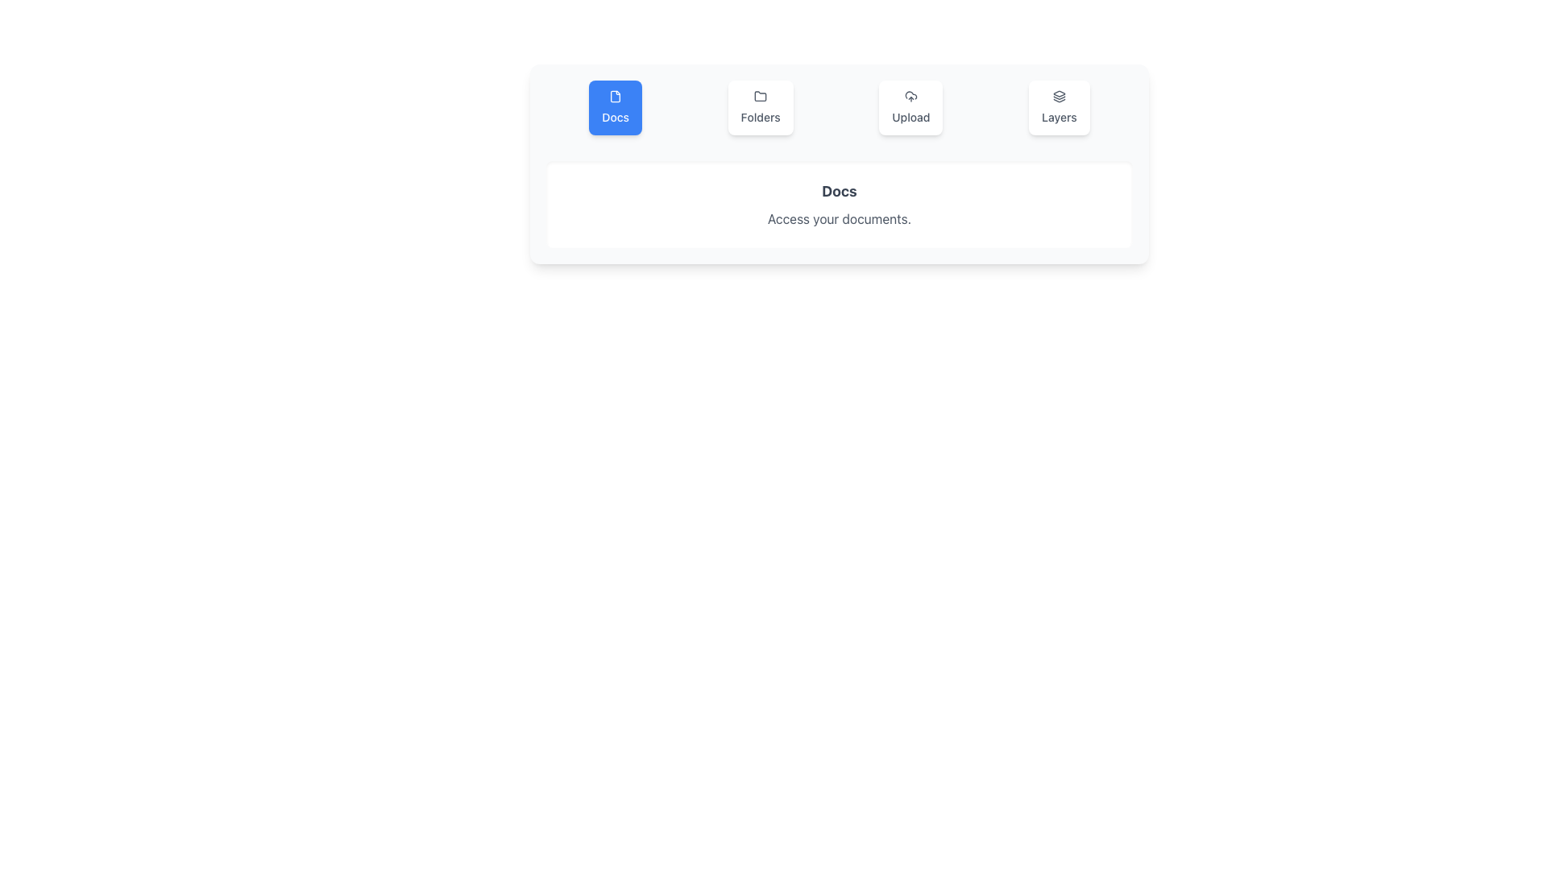 The image size is (1547, 870). I want to click on the icon resembling stacked layers located at the top of the 'Layers' button, which is the fourth button in the row of options, so click(1059, 96).